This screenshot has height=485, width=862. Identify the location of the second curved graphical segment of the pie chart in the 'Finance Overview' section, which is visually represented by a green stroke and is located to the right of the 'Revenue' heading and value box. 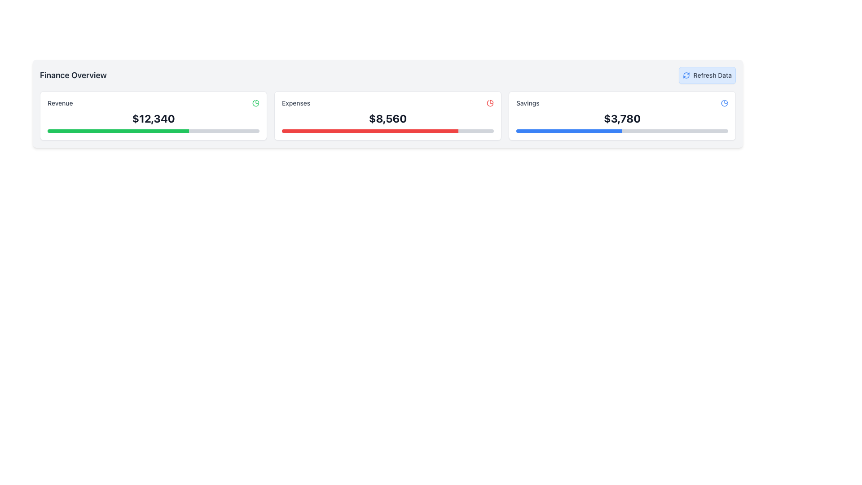
(255, 103).